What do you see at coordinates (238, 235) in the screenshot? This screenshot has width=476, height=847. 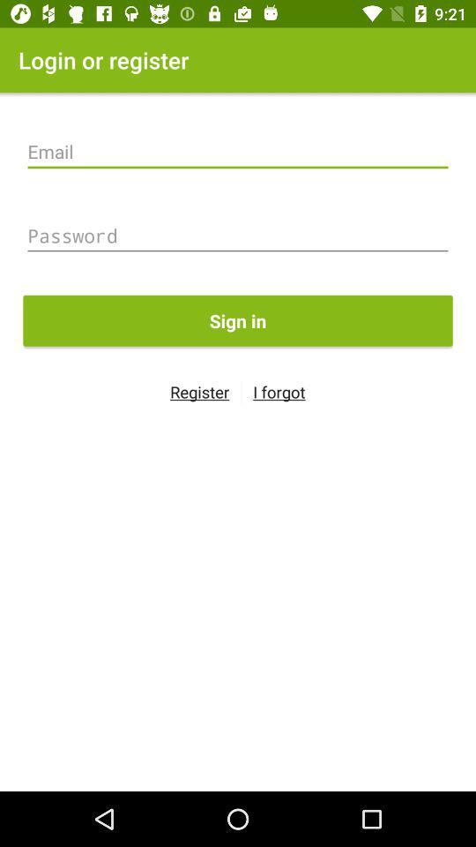 I see `item above sign in icon` at bounding box center [238, 235].